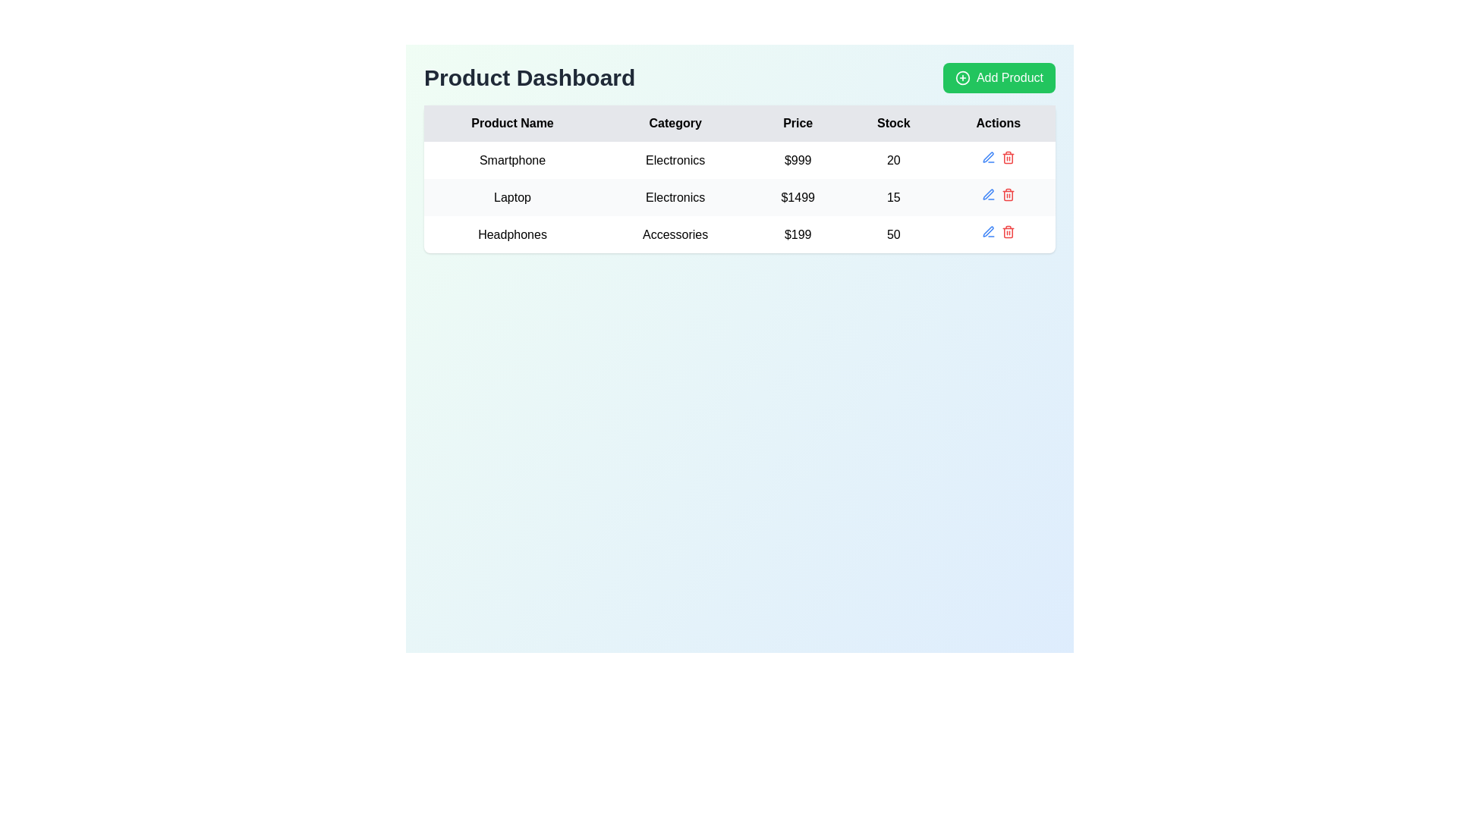 The image size is (1457, 819). I want to click on the third row in the table that contains the 'Headphones' product, 'Accessories' category, '$199' price, and '50' stock, so click(739, 234).